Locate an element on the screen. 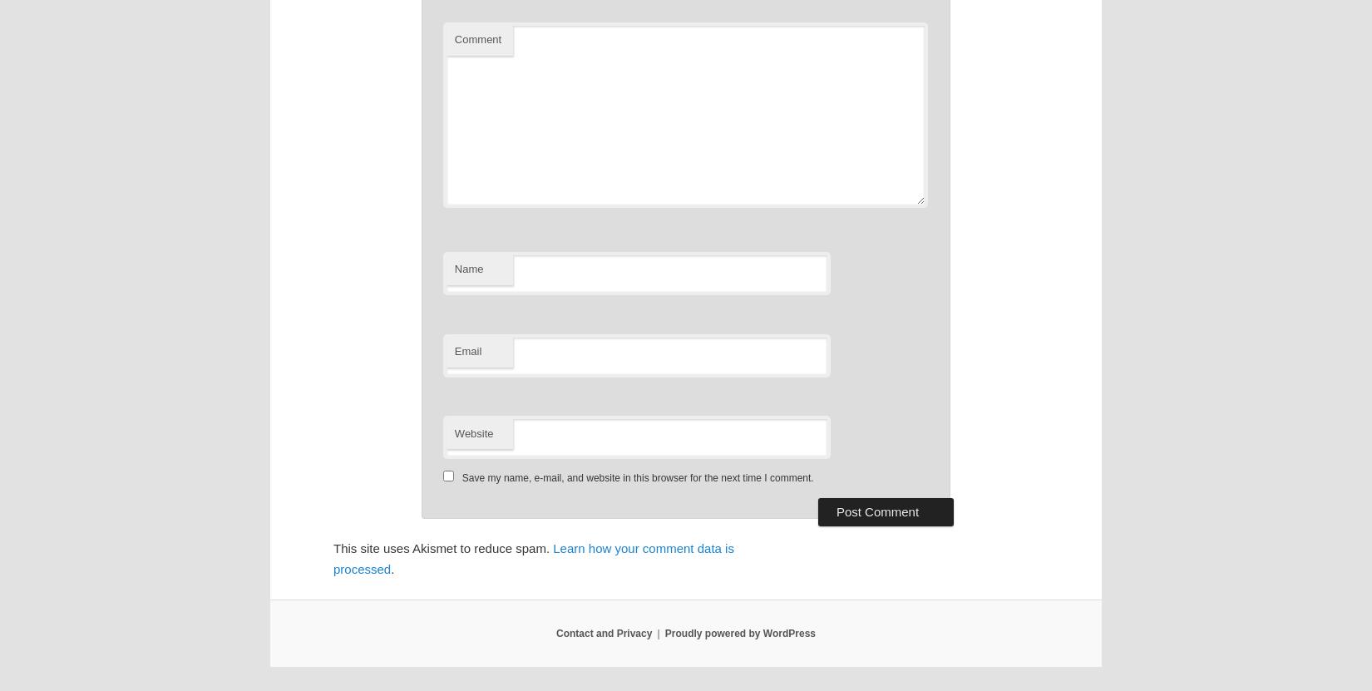  'Email' is located at coordinates (466, 349).